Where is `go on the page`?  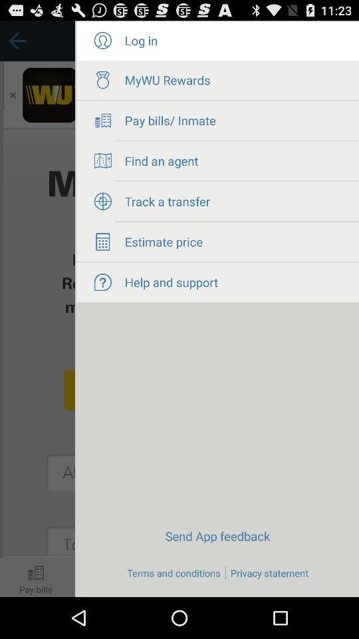
go on the page is located at coordinates (37, 309).